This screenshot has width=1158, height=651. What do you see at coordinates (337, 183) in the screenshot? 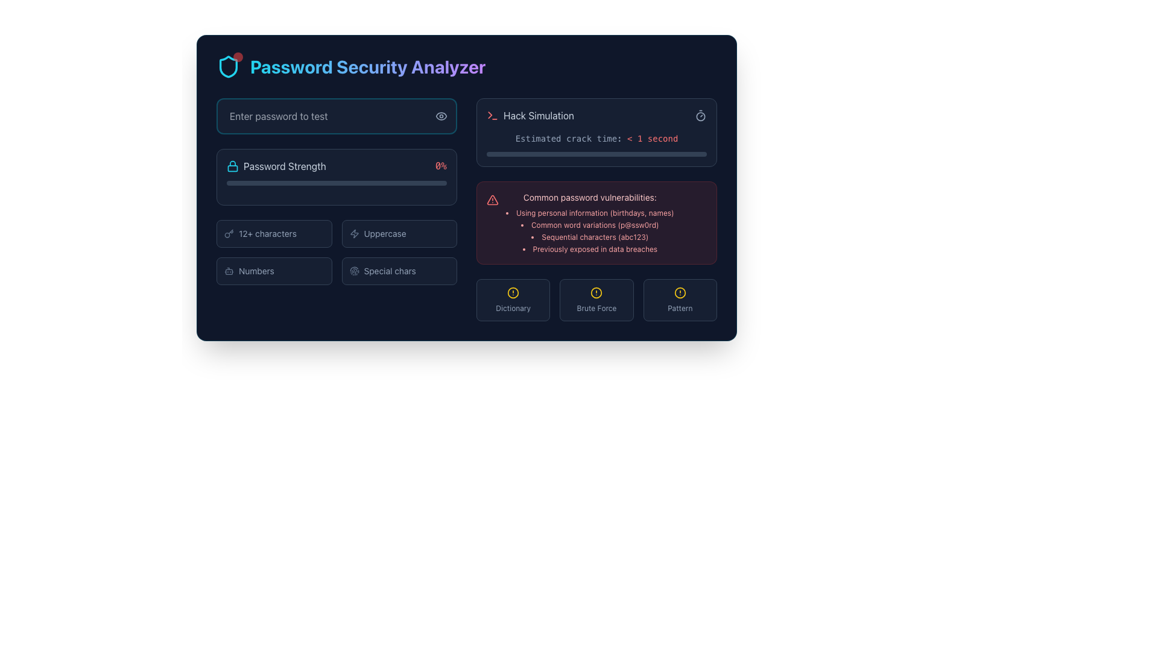
I see `the progression visually in the Progress Bar located within the 'Password Strength' module, right below the text 'Password Strength 0%'` at bounding box center [337, 183].